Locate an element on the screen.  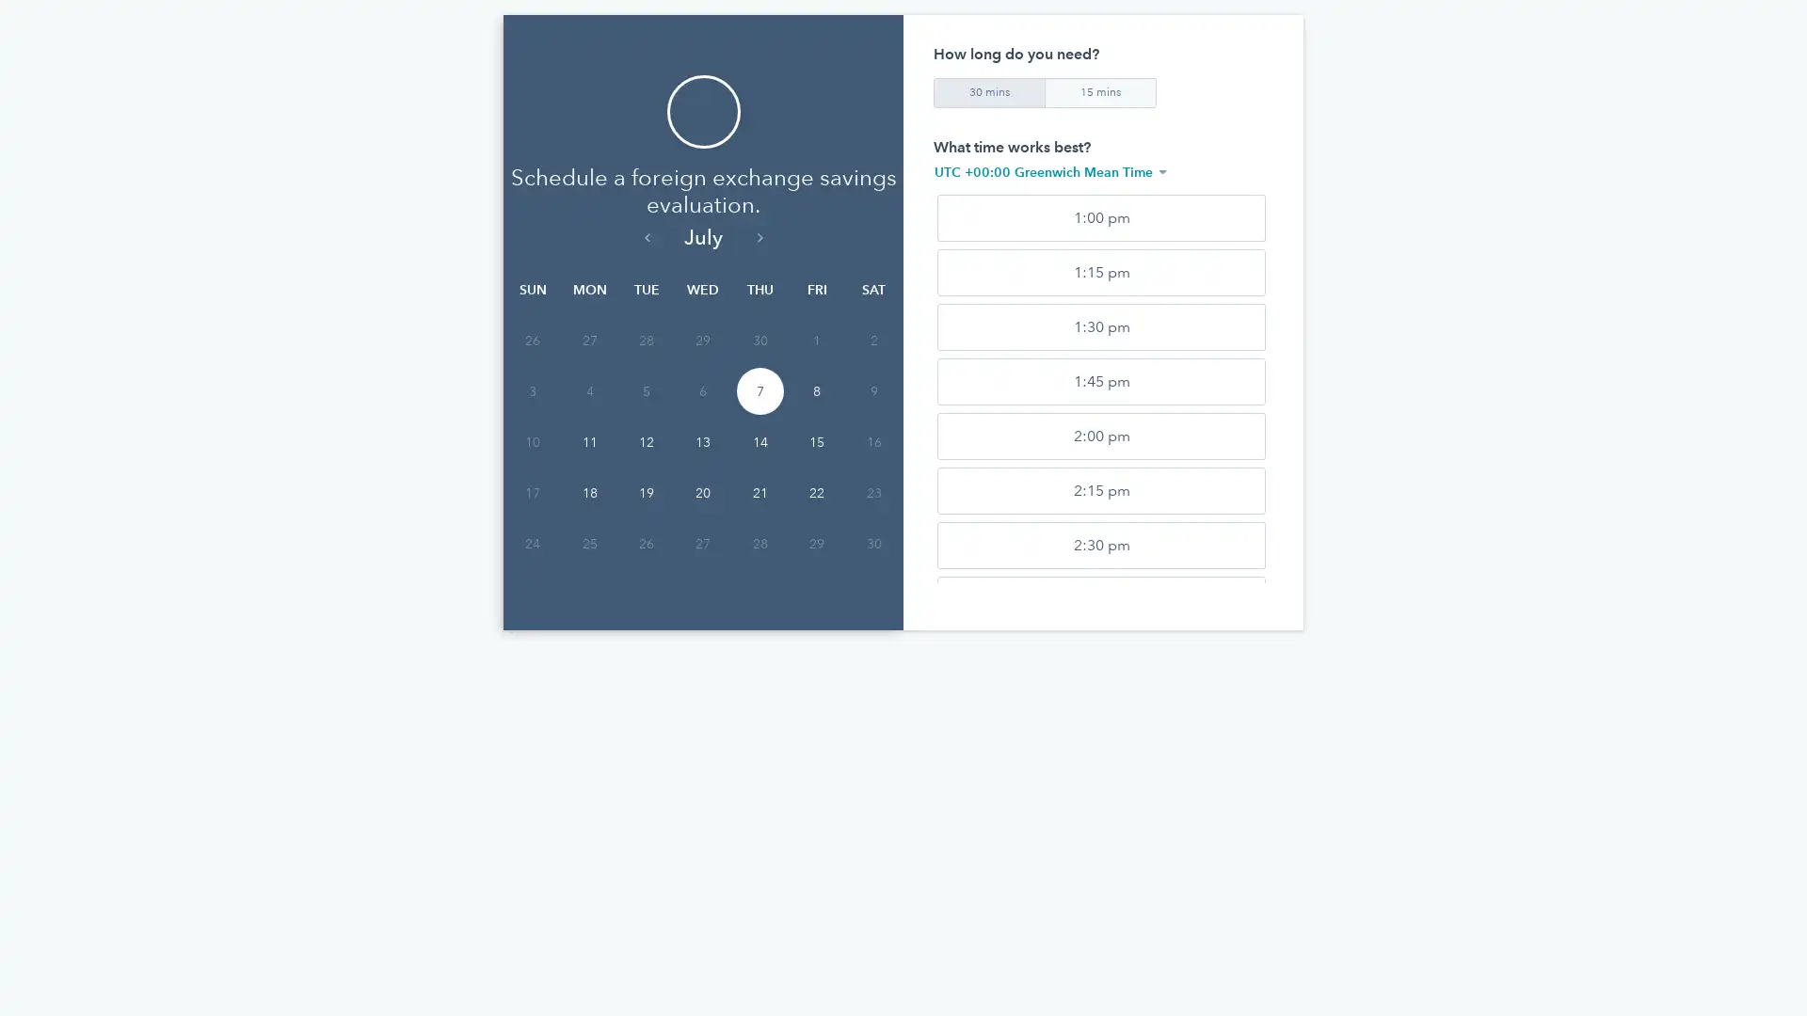
July 16th is located at coordinates (872, 442).